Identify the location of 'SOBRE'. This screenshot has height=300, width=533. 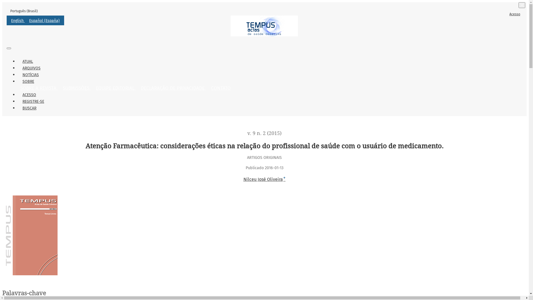
(28, 81).